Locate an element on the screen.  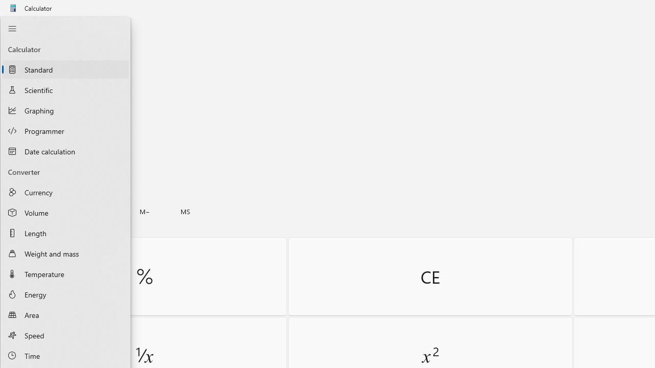
'Close Navigation' is located at coordinates (12, 28).